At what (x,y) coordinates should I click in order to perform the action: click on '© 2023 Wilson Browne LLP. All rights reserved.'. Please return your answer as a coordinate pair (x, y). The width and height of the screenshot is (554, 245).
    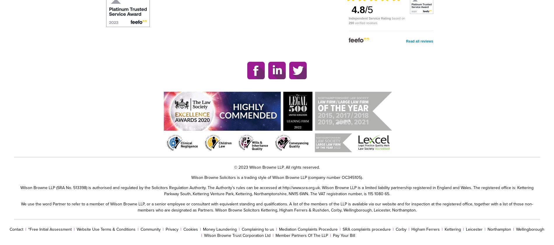
    Looking at the image, I should click on (277, 167).